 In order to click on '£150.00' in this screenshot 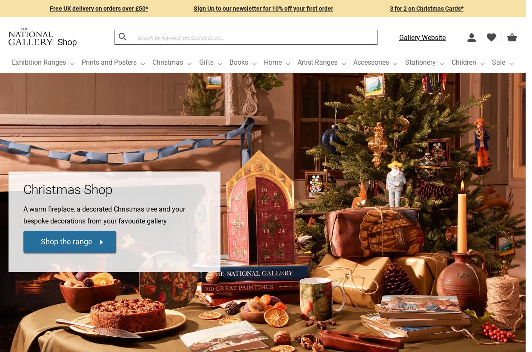, I will do `click(150, 313)`.